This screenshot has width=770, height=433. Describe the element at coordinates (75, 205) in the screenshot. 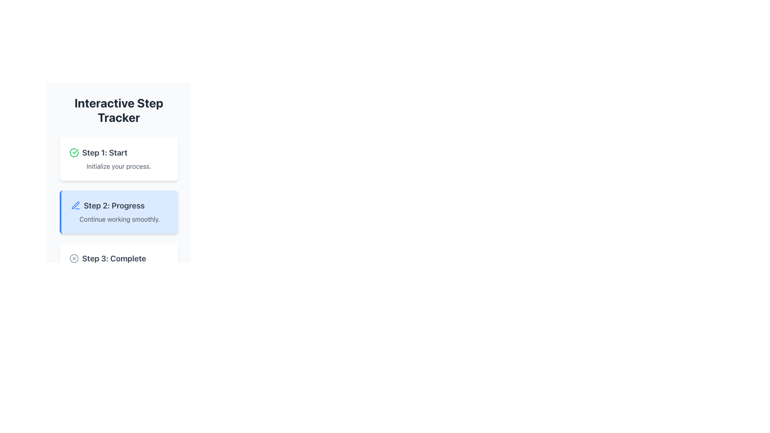

I see `the first icon representing step '2' in the 'Step 2: Progress' step tracker component, located to the left of the step text` at that location.